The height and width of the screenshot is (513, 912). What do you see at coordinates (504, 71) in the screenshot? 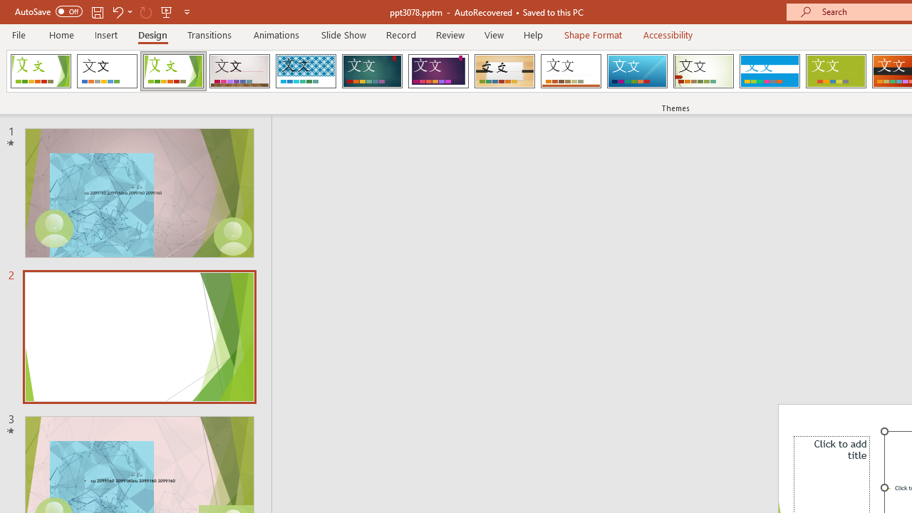
I see `'Organic'` at bounding box center [504, 71].